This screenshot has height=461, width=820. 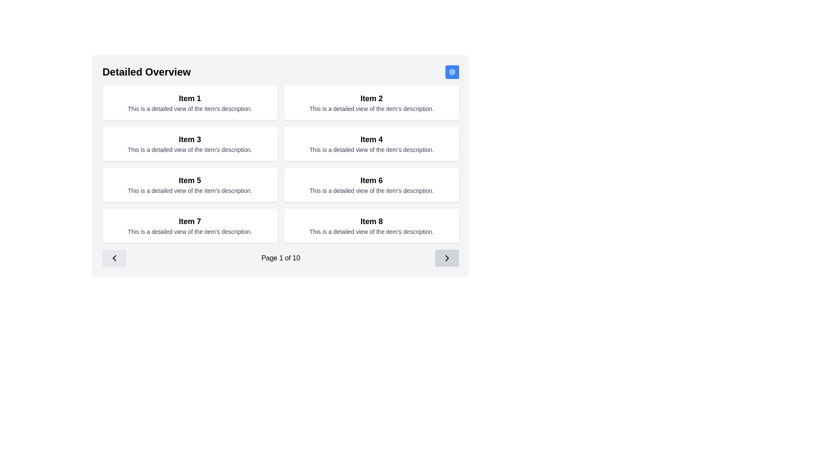 I want to click on text content of the Text Label that serves as the header for the card in the second column of the top row in the grid layout, so click(x=372, y=98).